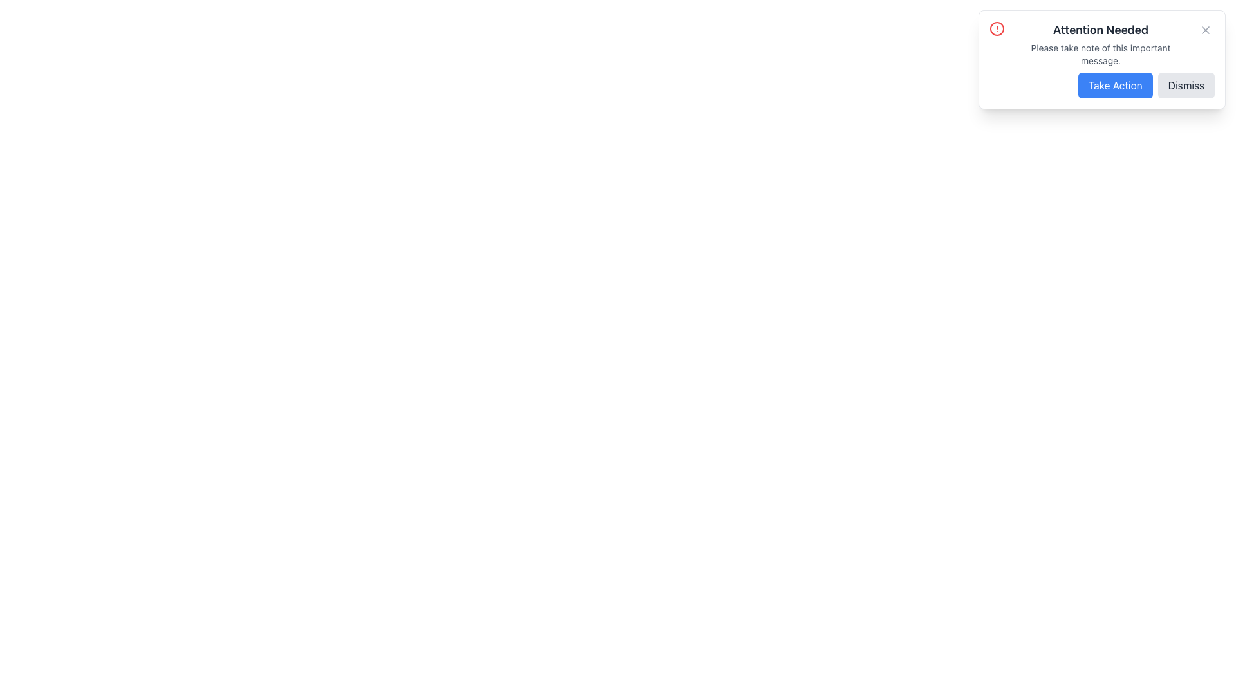 The width and height of the screenshot is (1236, 695). What do you see at coordinates (1185, 85) in the screenshot?
I see `the dismiss button located at the top-right corner of the notification box` at bounding box center [1185, 85].